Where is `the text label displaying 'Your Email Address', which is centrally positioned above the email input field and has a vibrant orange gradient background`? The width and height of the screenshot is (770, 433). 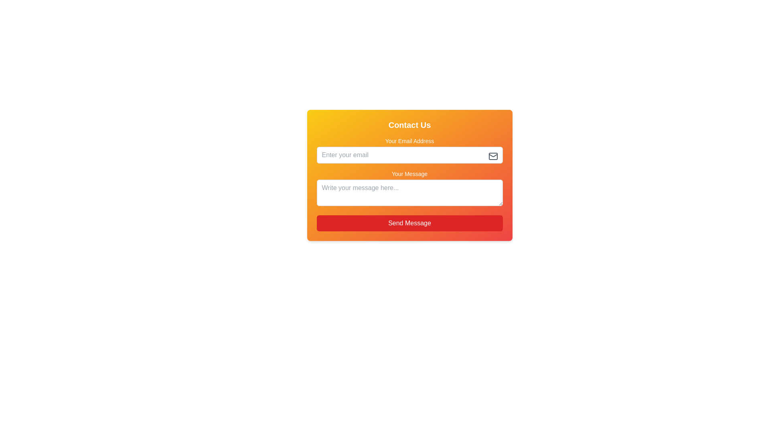 the text label displaying 'Your Email Address', which is centrally positioned above the email input field and has a vibrant orange gradient background is located at coordinates (409, 140).